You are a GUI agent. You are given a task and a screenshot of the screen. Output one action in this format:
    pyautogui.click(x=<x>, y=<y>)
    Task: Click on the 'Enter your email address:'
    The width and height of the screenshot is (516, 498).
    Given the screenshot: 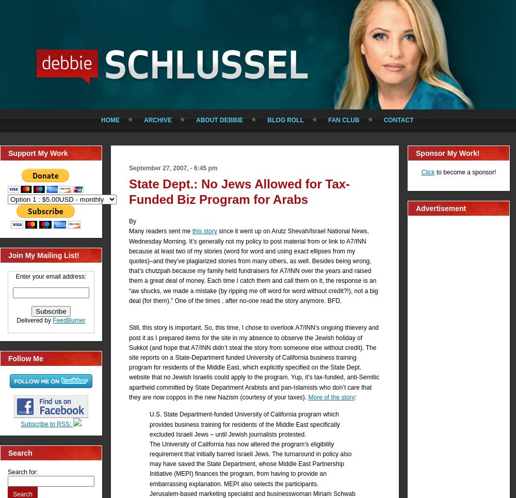 What is the action you would take?
    pyautogui.click(x=50, y=276)
    